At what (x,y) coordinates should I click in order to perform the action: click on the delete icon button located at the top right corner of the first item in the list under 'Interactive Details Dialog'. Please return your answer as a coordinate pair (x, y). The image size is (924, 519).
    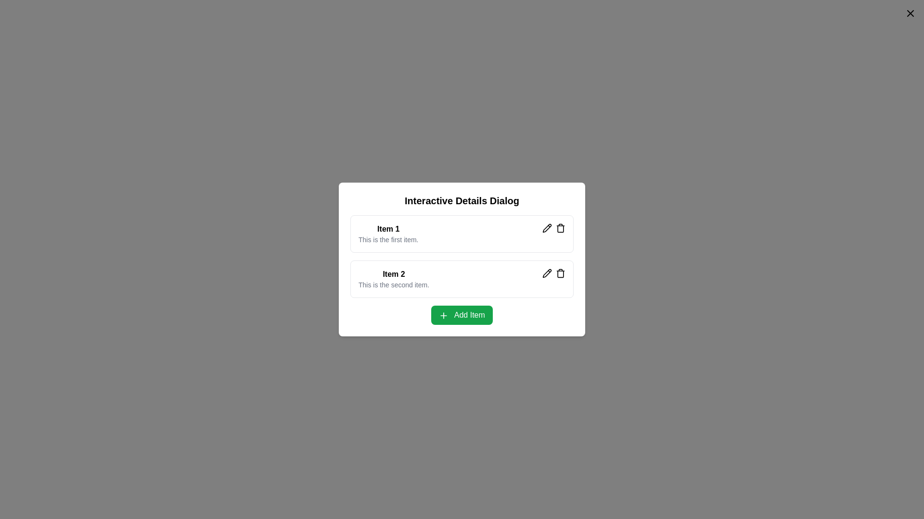
    Looking at the image, I should click on (561, 228).